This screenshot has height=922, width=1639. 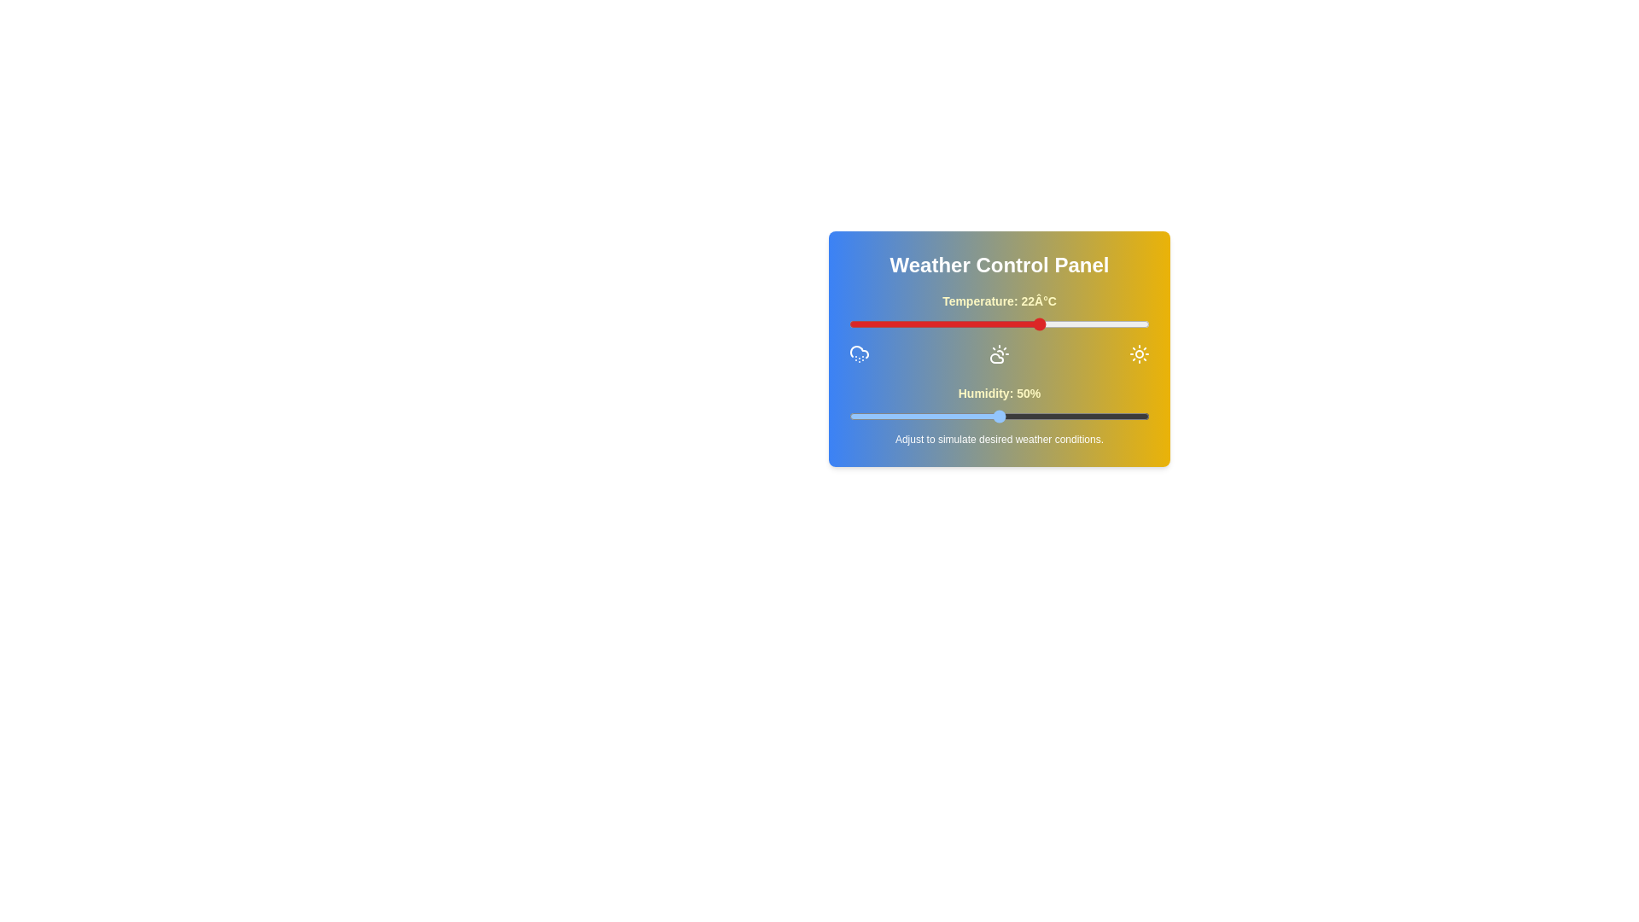 What do you see at coordinates (1000, 353) in the screenshot?
I see `the weather icon that resembles a cloud with sun rays, located at the center of the weather control panel interface, between the temperature and humidity sliders` at bounding box center [1000, 353].